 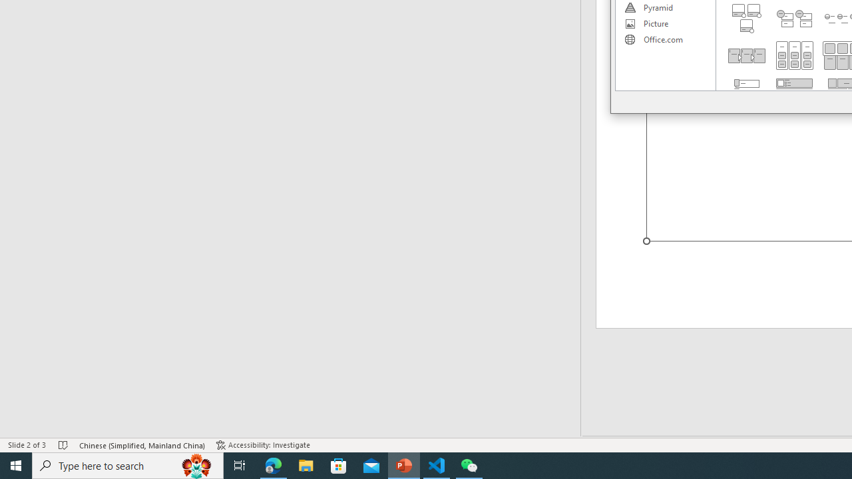 What do you see at coordinates (196, 464) in the screenshot?
I see `'Search highlights icon opens search home window'` at bounding box center [196, 464].